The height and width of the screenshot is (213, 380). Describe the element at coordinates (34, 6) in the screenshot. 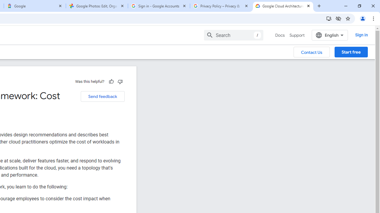

I see `'Google'` at that location.